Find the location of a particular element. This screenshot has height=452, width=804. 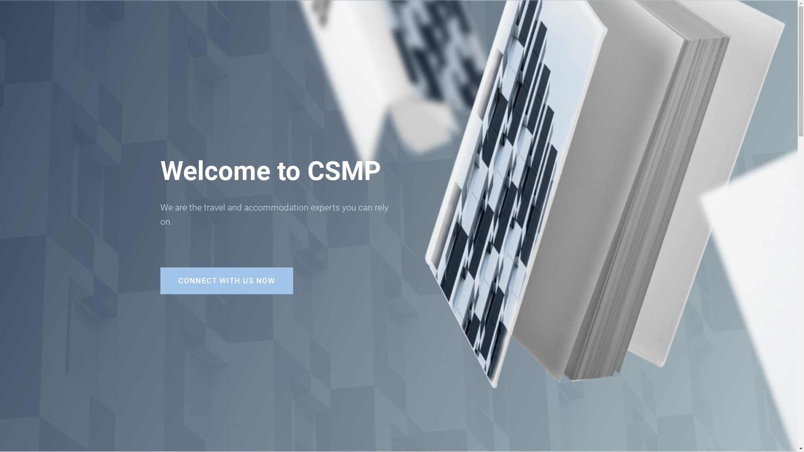

'CONNECT WITH US NOW' is located at coordinates (227, 281).